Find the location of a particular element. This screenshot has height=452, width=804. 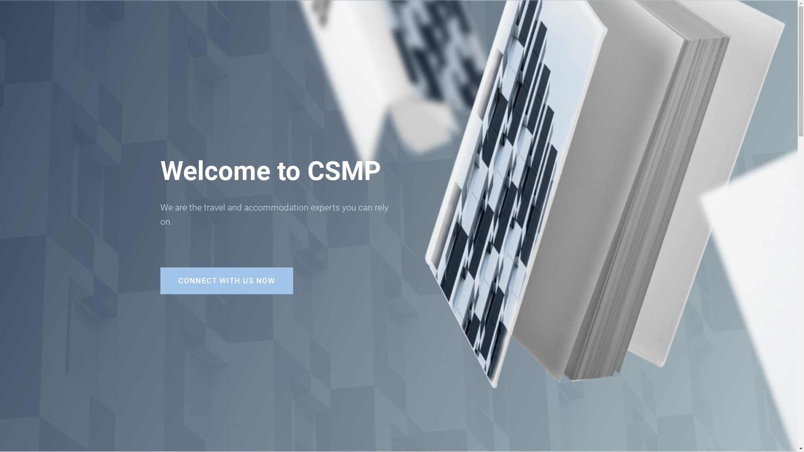

'CONNECT WITH US NOW' is located at coordinates (227, 281).